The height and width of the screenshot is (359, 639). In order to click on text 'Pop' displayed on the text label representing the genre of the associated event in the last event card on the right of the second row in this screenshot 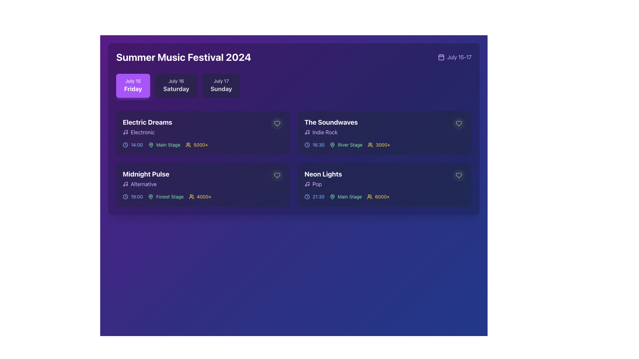, I will do `click(317, 184)`.